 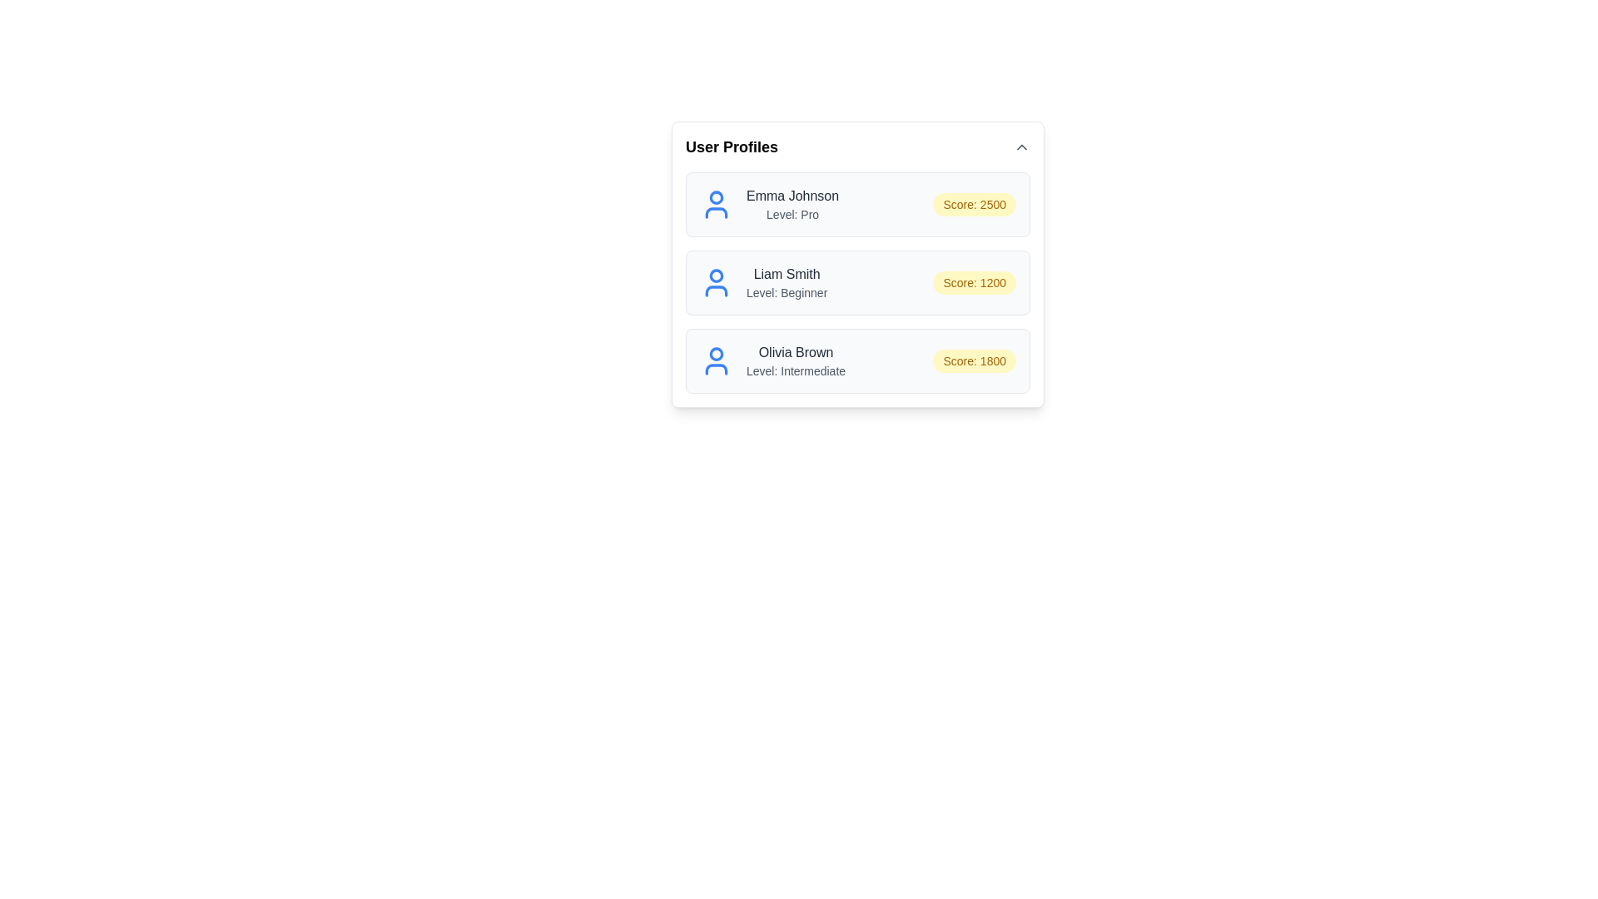 I want to click on the Text Display with Icon that shows user information, including name and level, located in the top section of the User Profiles list, so click(x=768, y=204).